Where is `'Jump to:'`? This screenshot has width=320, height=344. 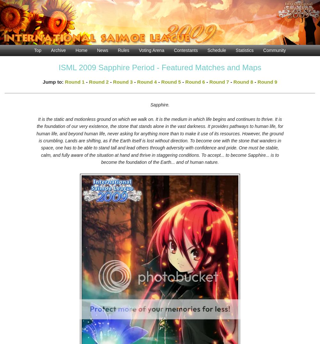 'Jump to:' is located at coordinates (53, 81).